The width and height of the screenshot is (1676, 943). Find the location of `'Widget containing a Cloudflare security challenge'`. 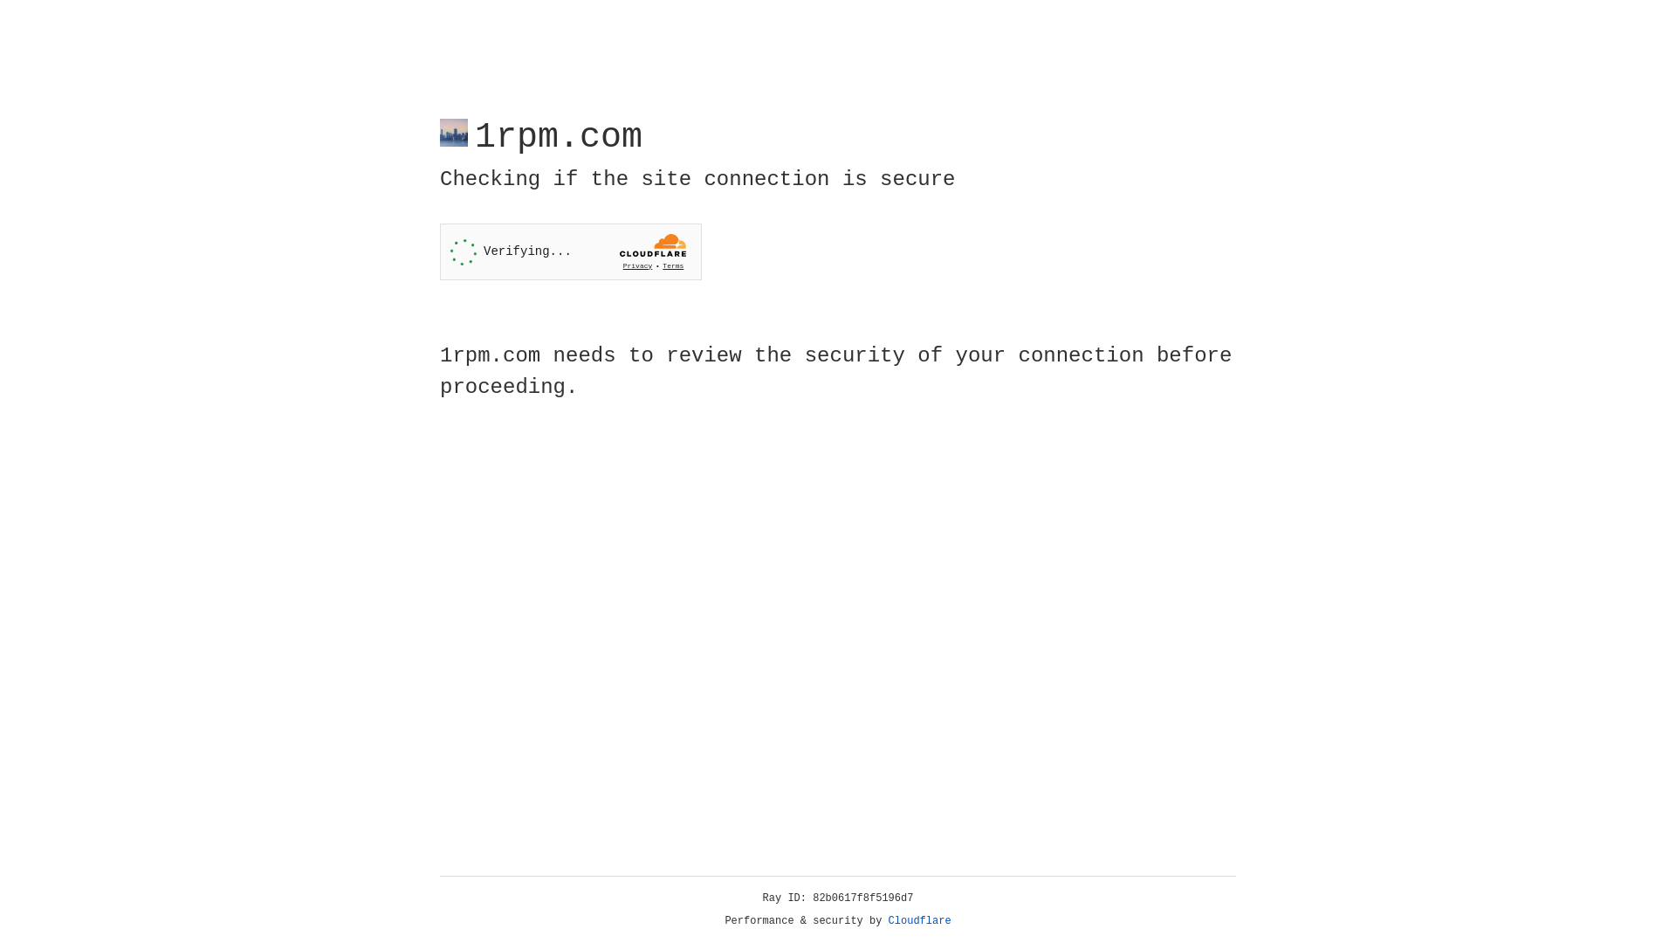

'Widget containing a Cloudflare security challenge' is located at coordinates (570, 251).